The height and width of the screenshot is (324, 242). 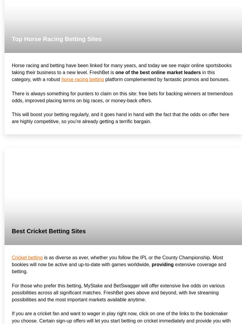 What do you see at coordinates (122, 97) in the screenshot?
I see `'There is always something for punters to claim on this site: free bets for backing winners at tremendous odds, improved placing terms on big races, or money-back offers.'` at bounding box center [122, 97].